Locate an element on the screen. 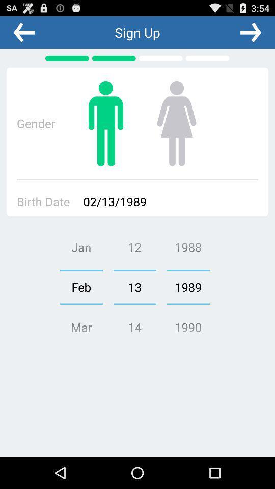  female gender is located at coordinates (176, 123).